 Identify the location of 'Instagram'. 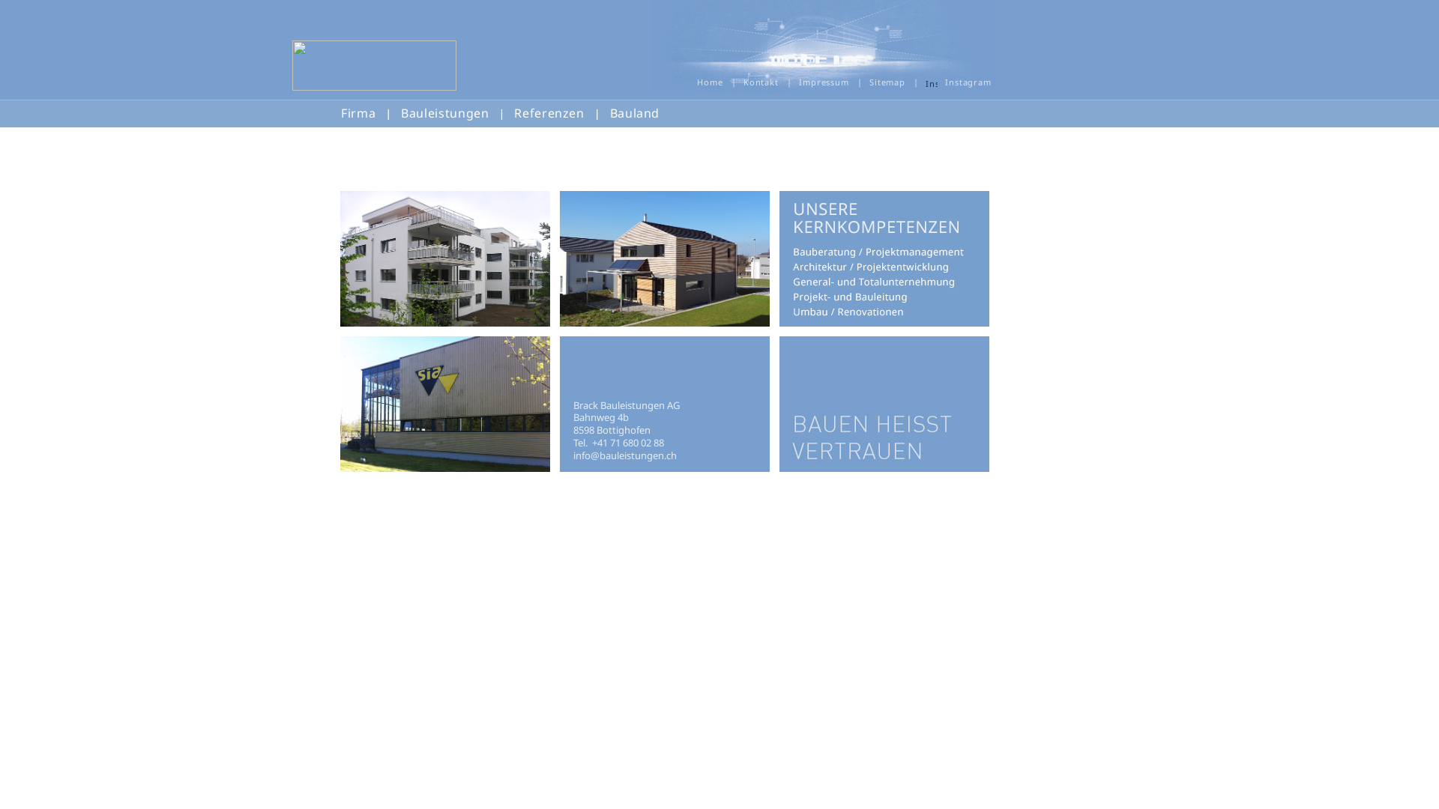
(931, 81).